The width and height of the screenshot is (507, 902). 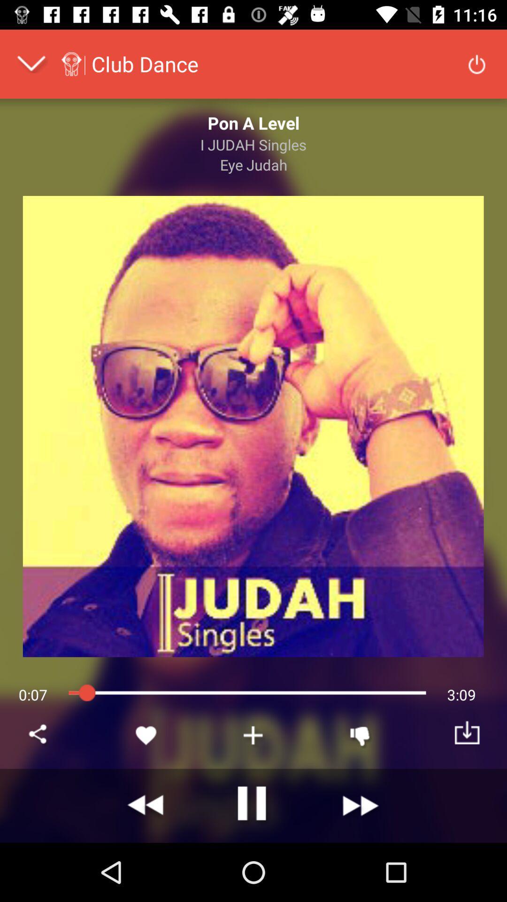 What do you see at coordinates (476, 63) in the screenshot?
I see `on/of` at bounding box center [476, 63].